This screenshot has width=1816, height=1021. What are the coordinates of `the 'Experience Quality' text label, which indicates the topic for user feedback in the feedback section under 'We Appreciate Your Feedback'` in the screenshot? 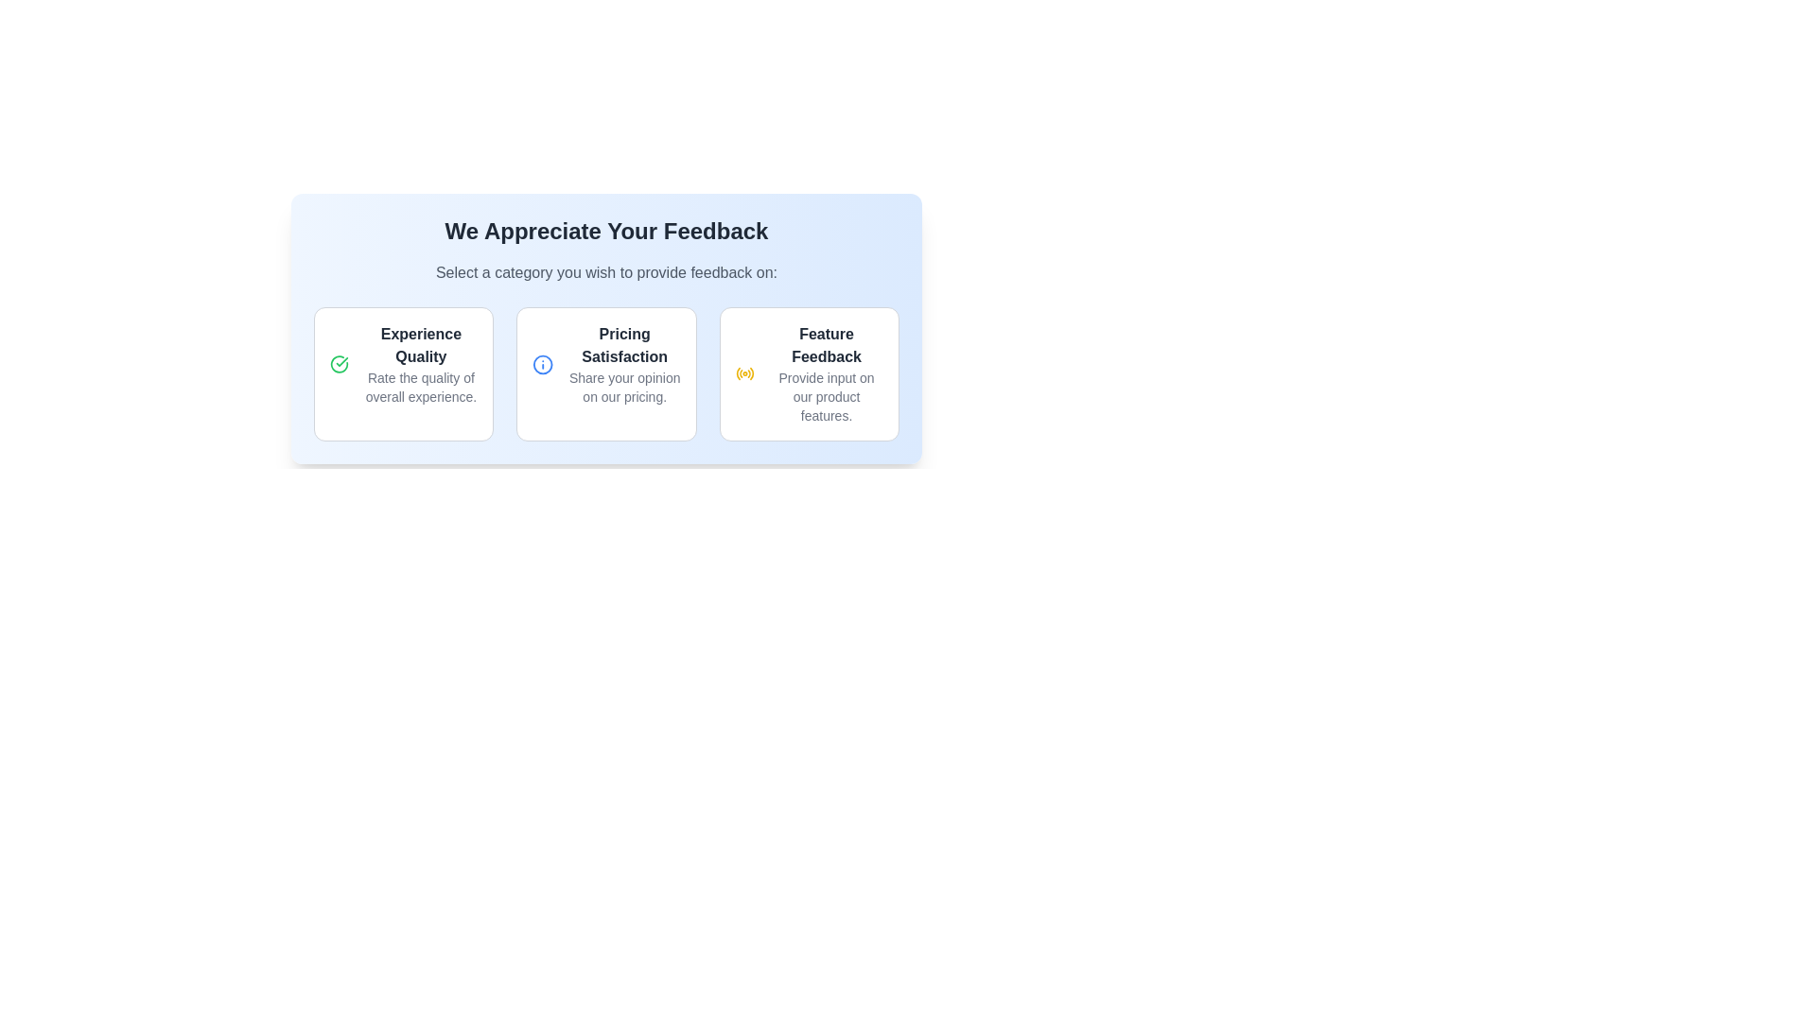 It's located at (420, 346).